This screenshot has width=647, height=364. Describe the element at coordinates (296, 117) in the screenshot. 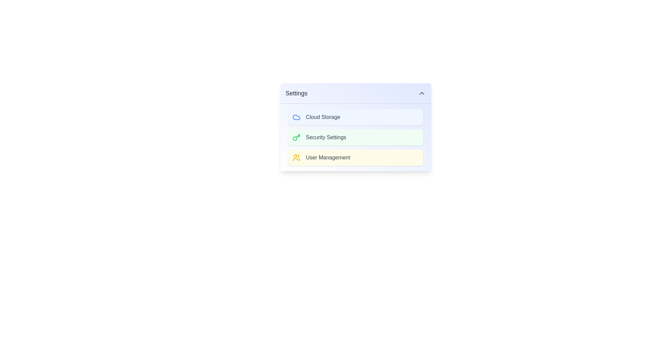

I see `the cloud icon, which is a vector graphic with a smooth outline and blue strokes, located in the 'Settings' dropdown next to the 'Cloud Storage' text` at that location.